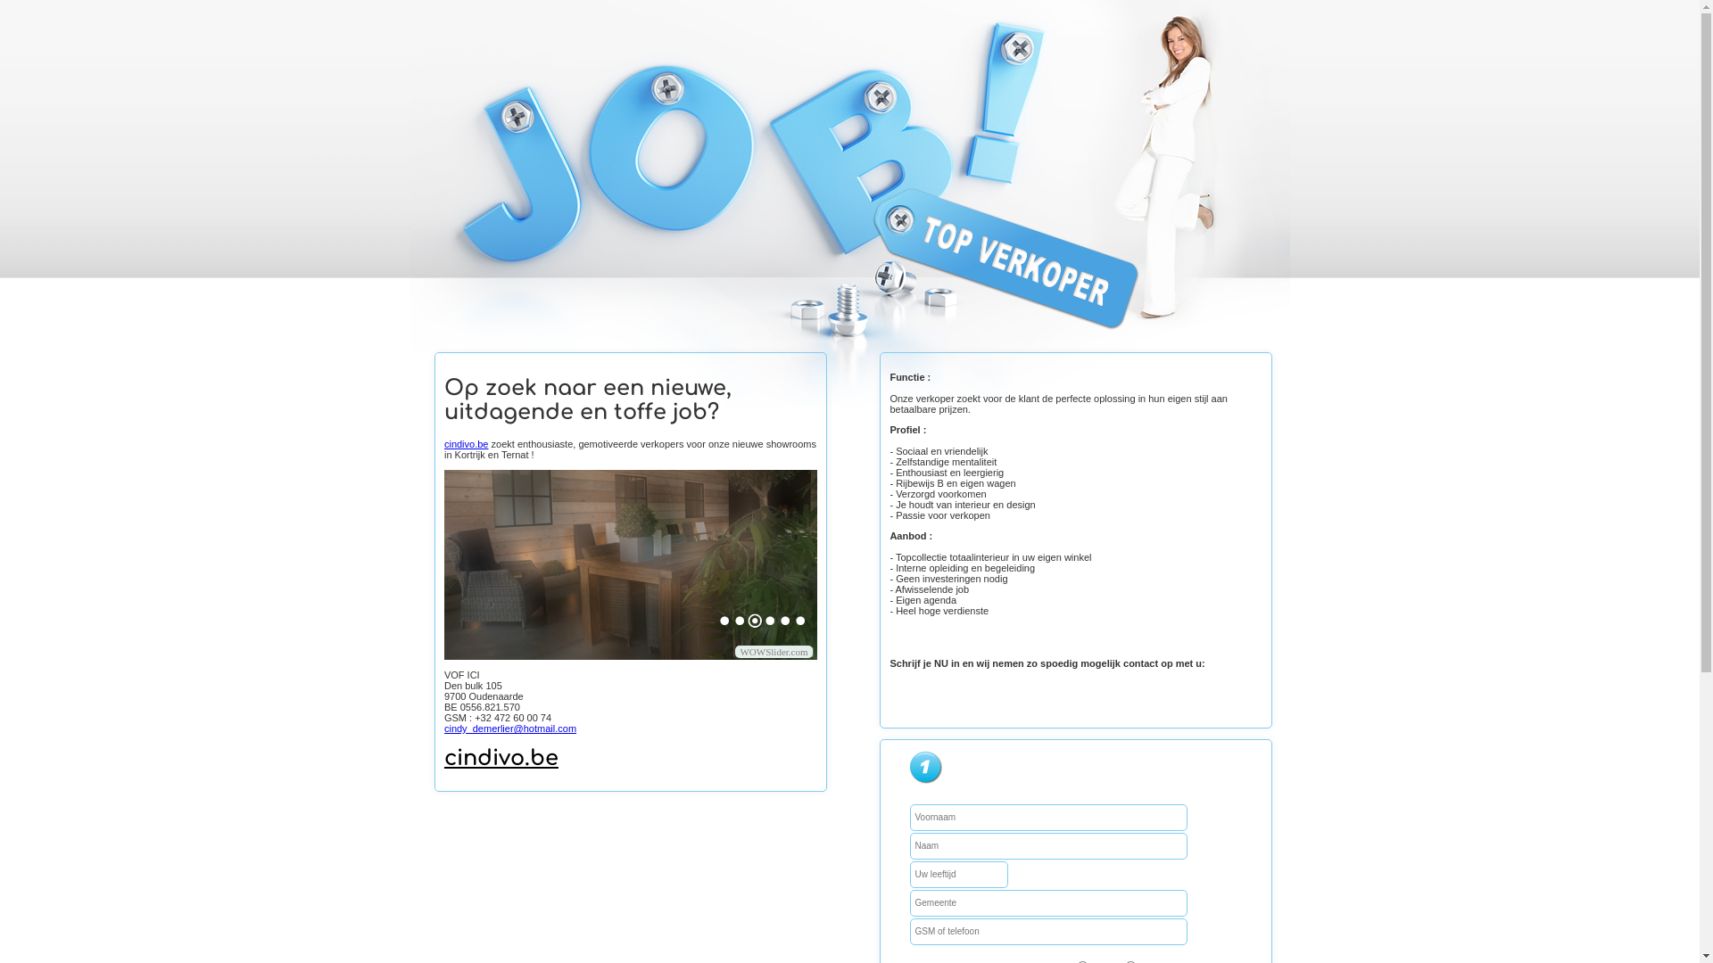 Image resolution: width=1713 pixels, height=963 pixels. What do you see at coordinates (509, 728) in the screenshot?
I see `'cindy_demerlier@hotmail.com'` at bounding box center [509, 728].